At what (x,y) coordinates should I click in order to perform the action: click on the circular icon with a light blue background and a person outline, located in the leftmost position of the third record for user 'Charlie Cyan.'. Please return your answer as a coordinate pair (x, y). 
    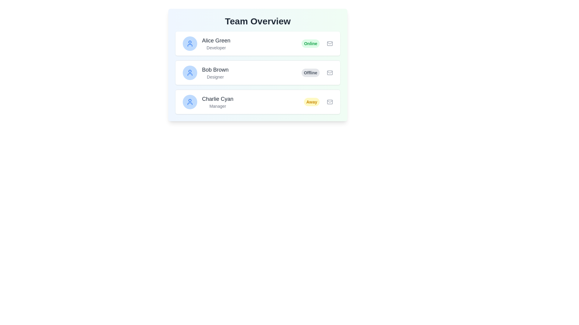
    Looking at the image, I should click on (189, 102).